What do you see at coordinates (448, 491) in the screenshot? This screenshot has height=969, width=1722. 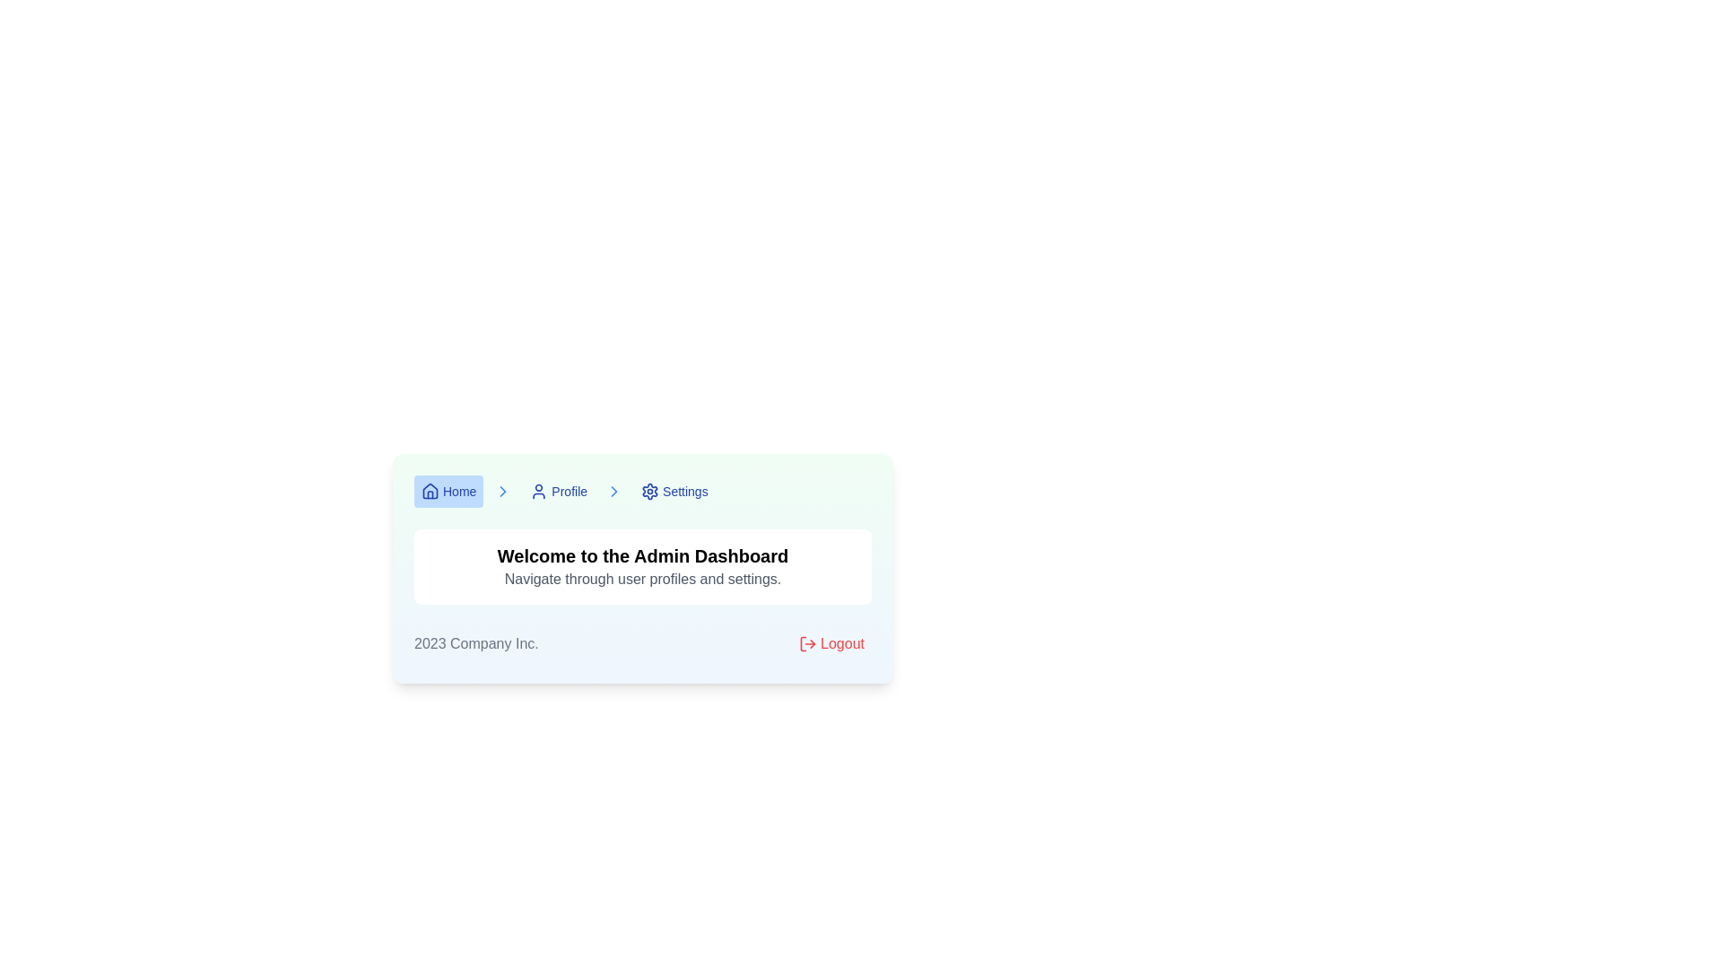 I see `the 'Home' button with a house icon in the upper left corner of the navigation bar` at bounding box center [448, 491].